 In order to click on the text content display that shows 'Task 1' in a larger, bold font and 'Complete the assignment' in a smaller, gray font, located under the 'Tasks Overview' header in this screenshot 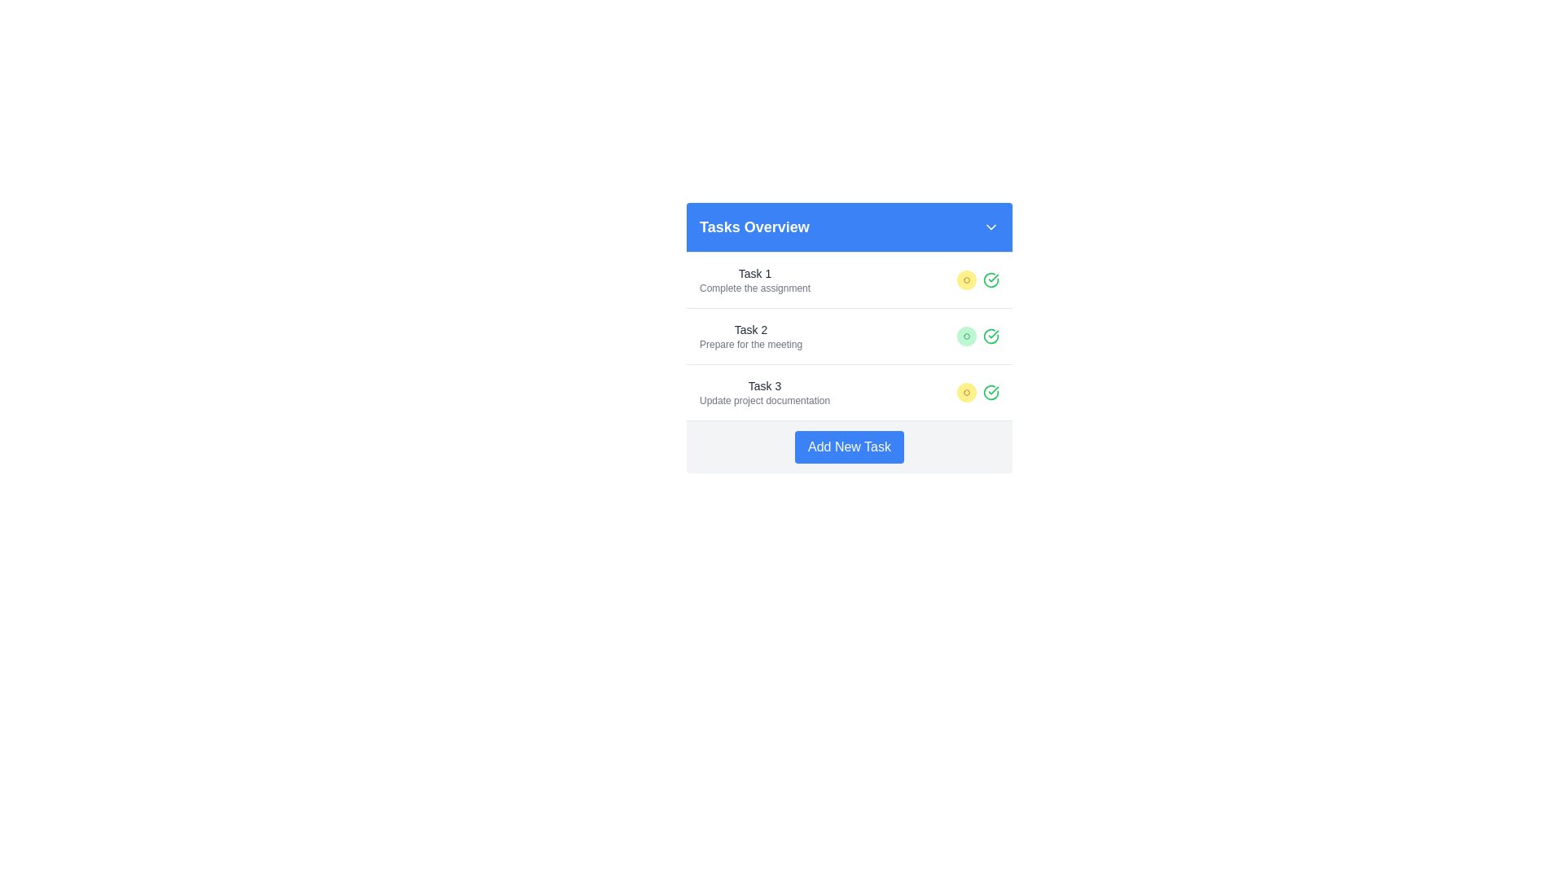, I will do `click(753, 279)`.